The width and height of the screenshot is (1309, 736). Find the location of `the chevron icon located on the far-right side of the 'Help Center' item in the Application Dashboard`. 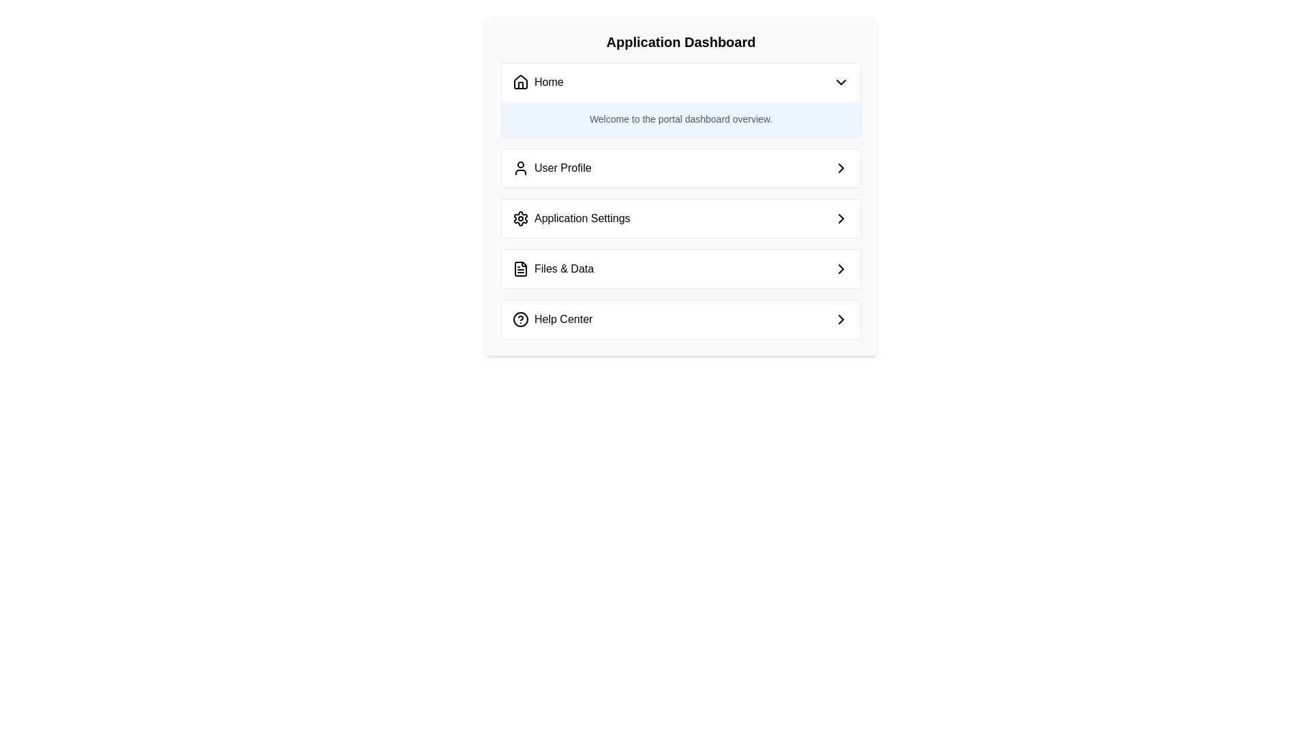

the chevron icon located on the far-right side of the 'Help Center' item in the Application Dashboard is located at coordinates (840, 320).